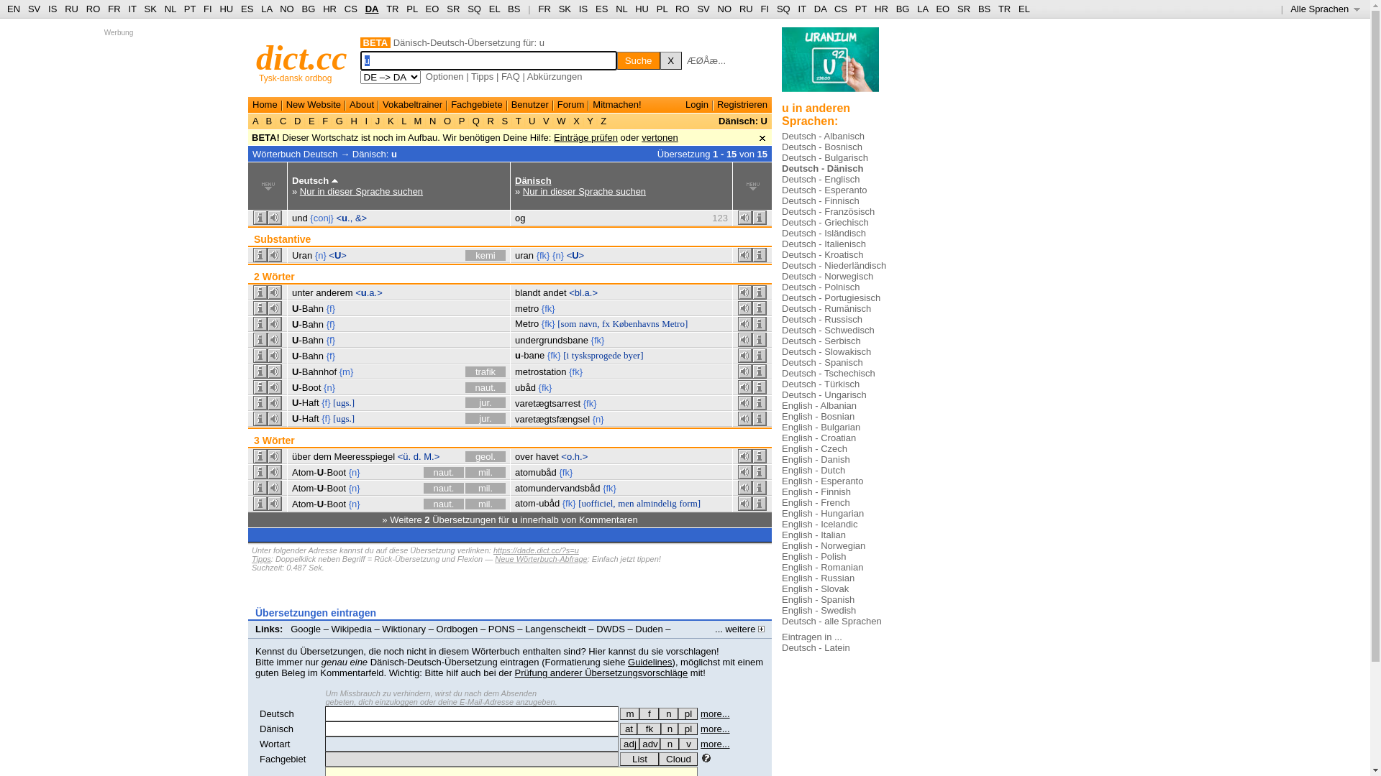  Describe the element at coordinates (354, 120) in the screenshot. I see `'H'` at that location.